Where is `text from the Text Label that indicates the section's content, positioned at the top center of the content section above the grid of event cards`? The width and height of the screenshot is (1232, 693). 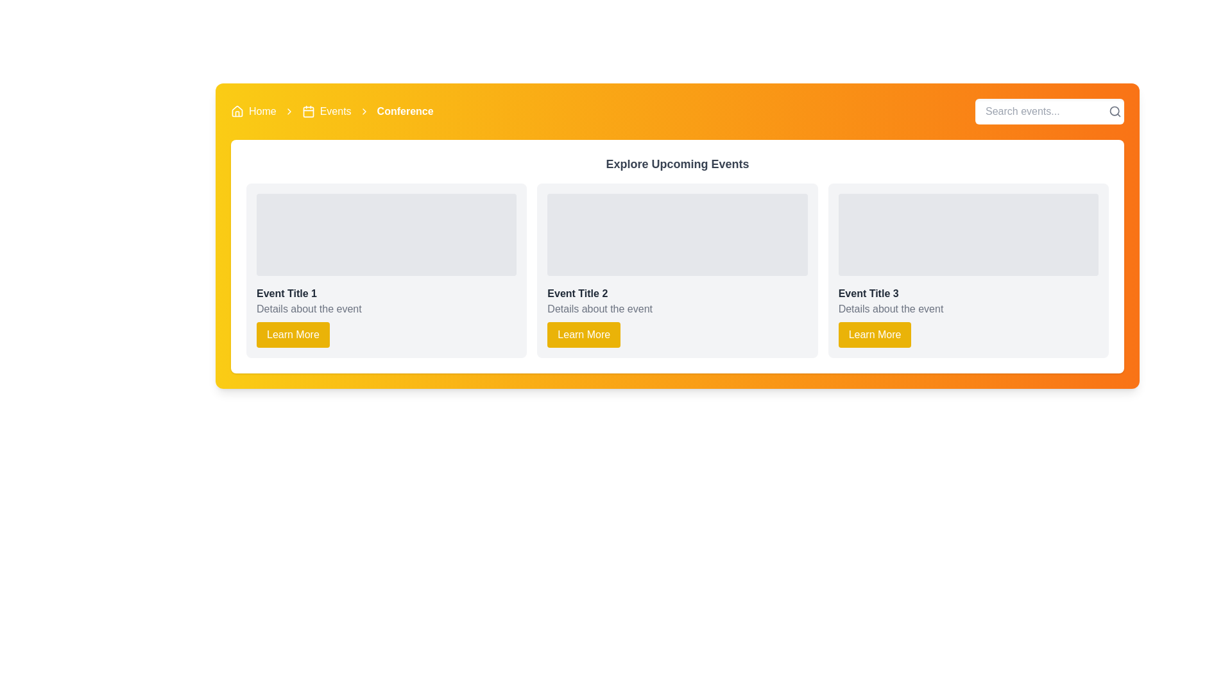
text from the Text Label that indicates the section's content, positioned at the top center of the content section above the grid of event cards is located at coordinates (677, 163).